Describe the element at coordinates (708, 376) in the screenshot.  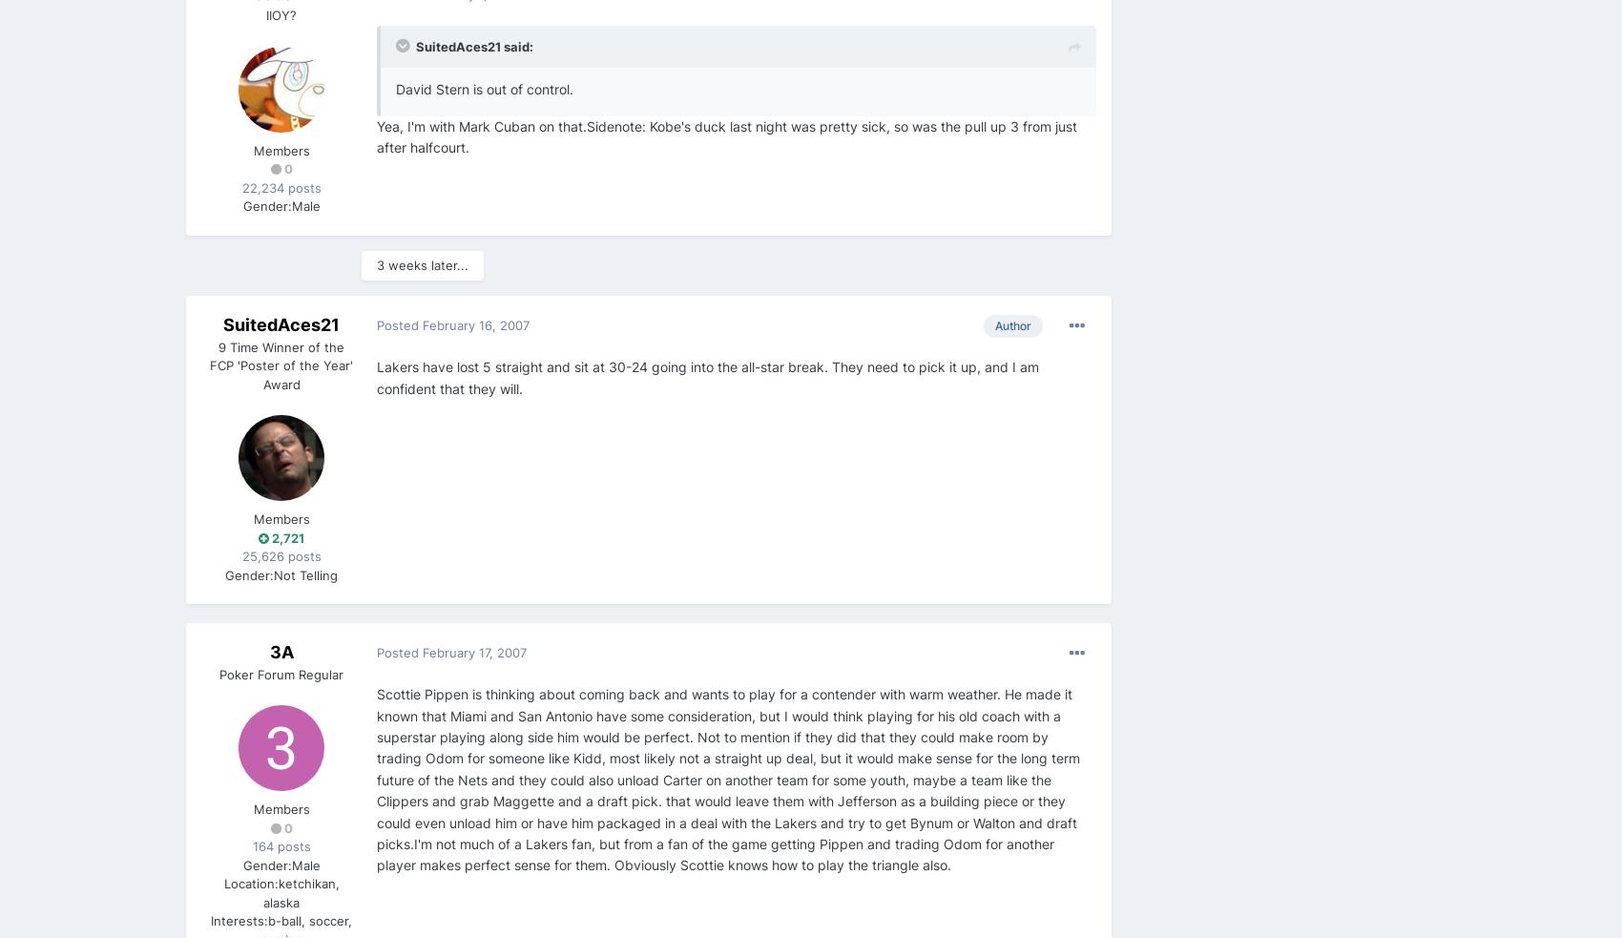
I see `'Lakers have lost 5 straight and sit at 30-24 going into the all-star break.  They need to pick it up, and I am confident that they will.'` at that location.